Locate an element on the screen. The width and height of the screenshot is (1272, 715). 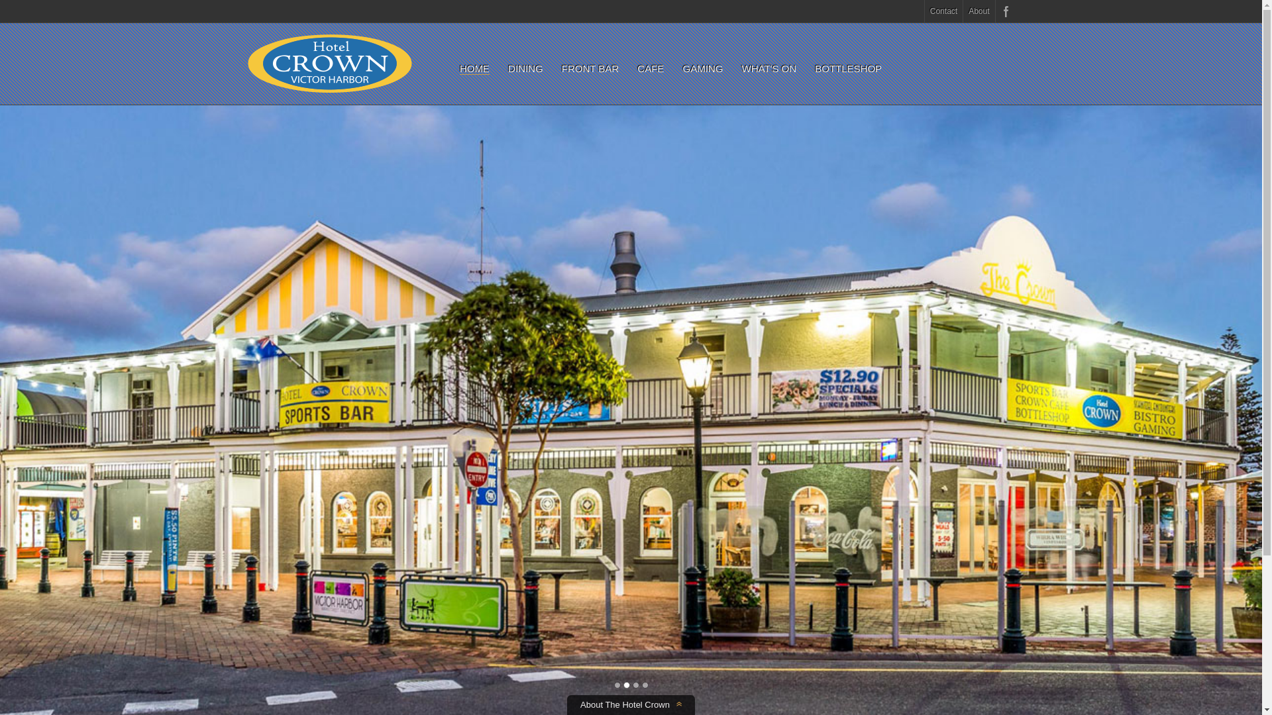
'GAMING' is located at coordinates (702, 68).